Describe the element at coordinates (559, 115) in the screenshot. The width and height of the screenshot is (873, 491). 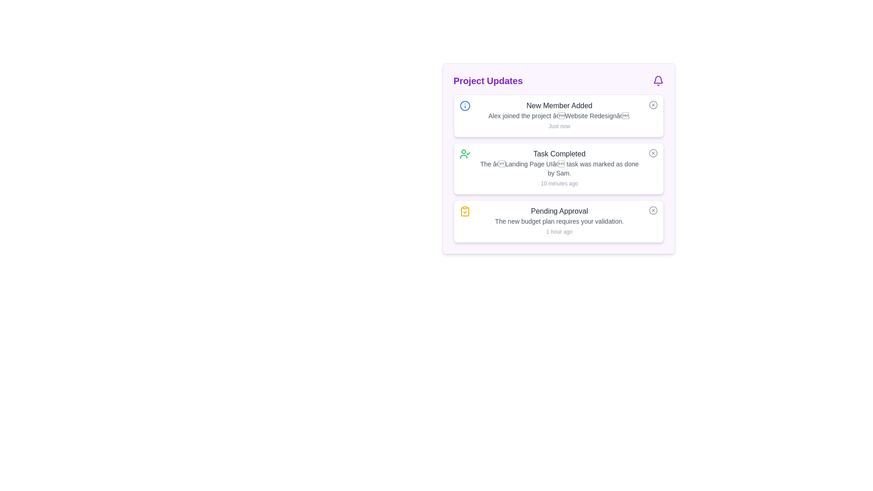
I see `information in the notification about a new member joining a project, which includes the headline 'New Member Added', the text 'Alex joined the project ‘Website Redesign’', and the timestamp 'Just now'. This notification is located in the first notification card in the 'Project Updates' panel` at that location.